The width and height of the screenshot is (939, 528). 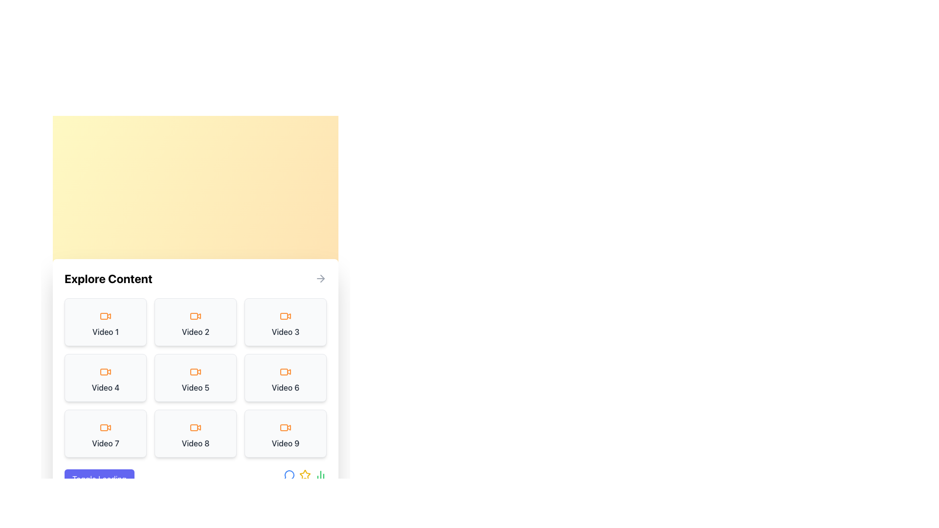 What do you see at coordinates (106, 443) in the screenshot?
I see `text label that provides information about the seventh video item located in the second row, first column of the 'Explore Content' section` at bounding box center [106, 443].